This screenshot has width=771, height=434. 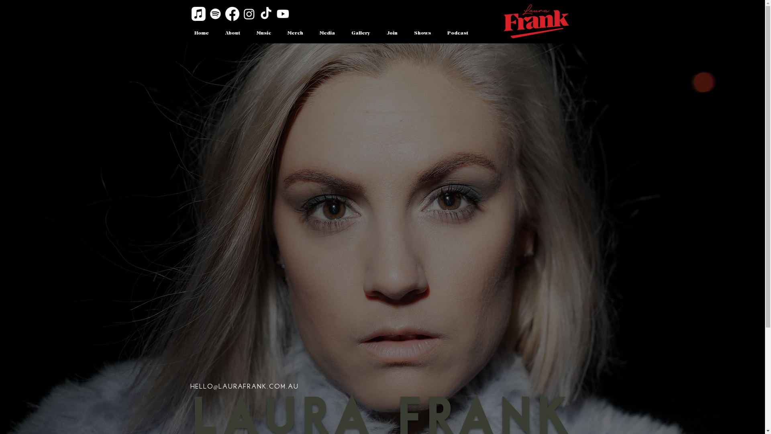 I want to click on 'Join', so click(x=392, y=33).